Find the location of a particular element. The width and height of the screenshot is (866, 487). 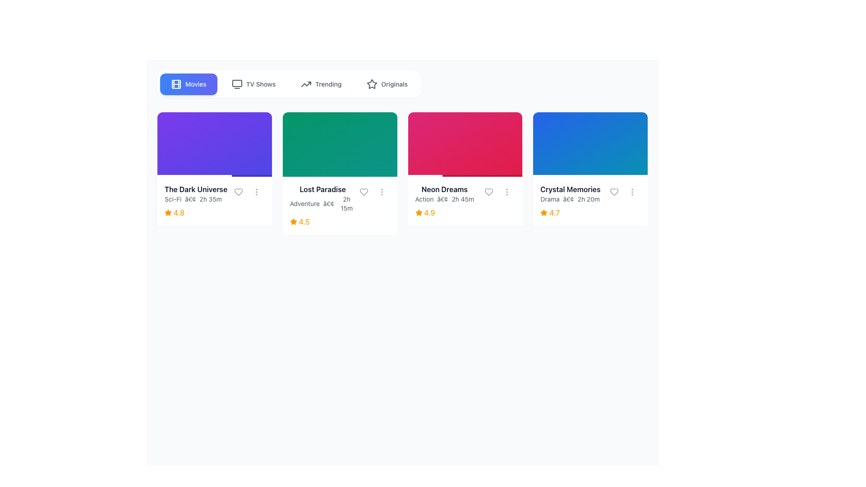

the play button SVG graphic located near the center of the first movie card in a horizontally scrolling gallery for accessibility navigation is located at coordinates (215, 144).